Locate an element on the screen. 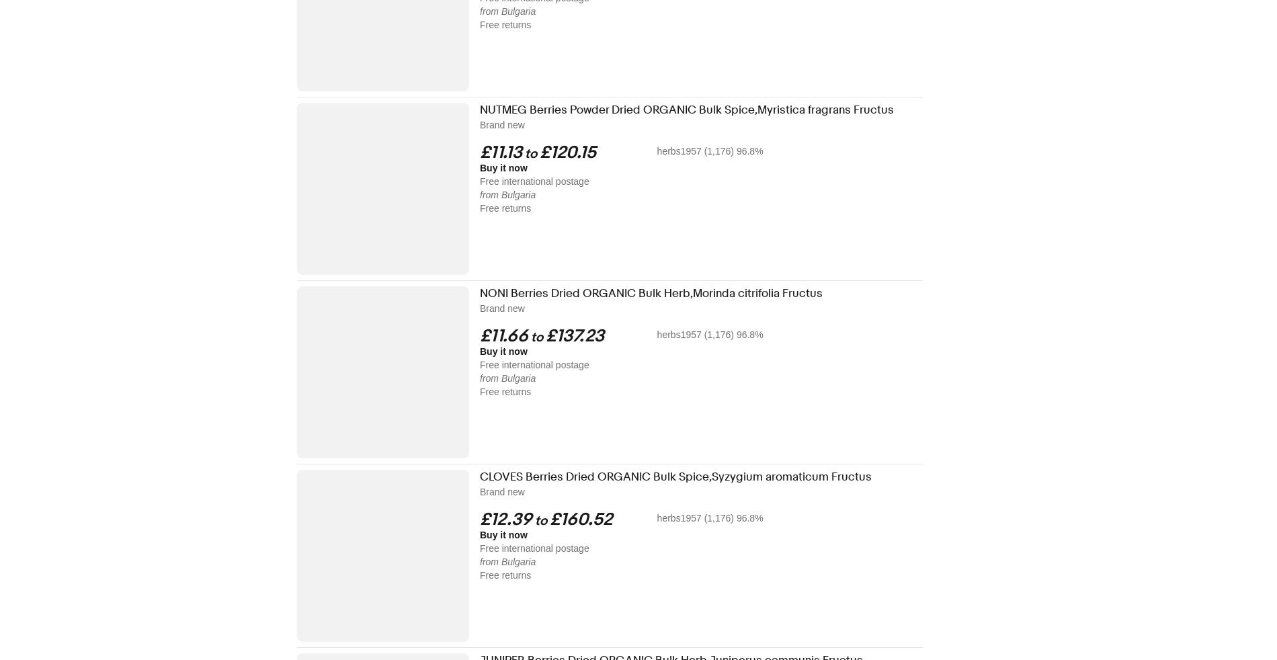 This screenshot has height=660, width=1277. '£11.66' is located at coordinates (503, 335).